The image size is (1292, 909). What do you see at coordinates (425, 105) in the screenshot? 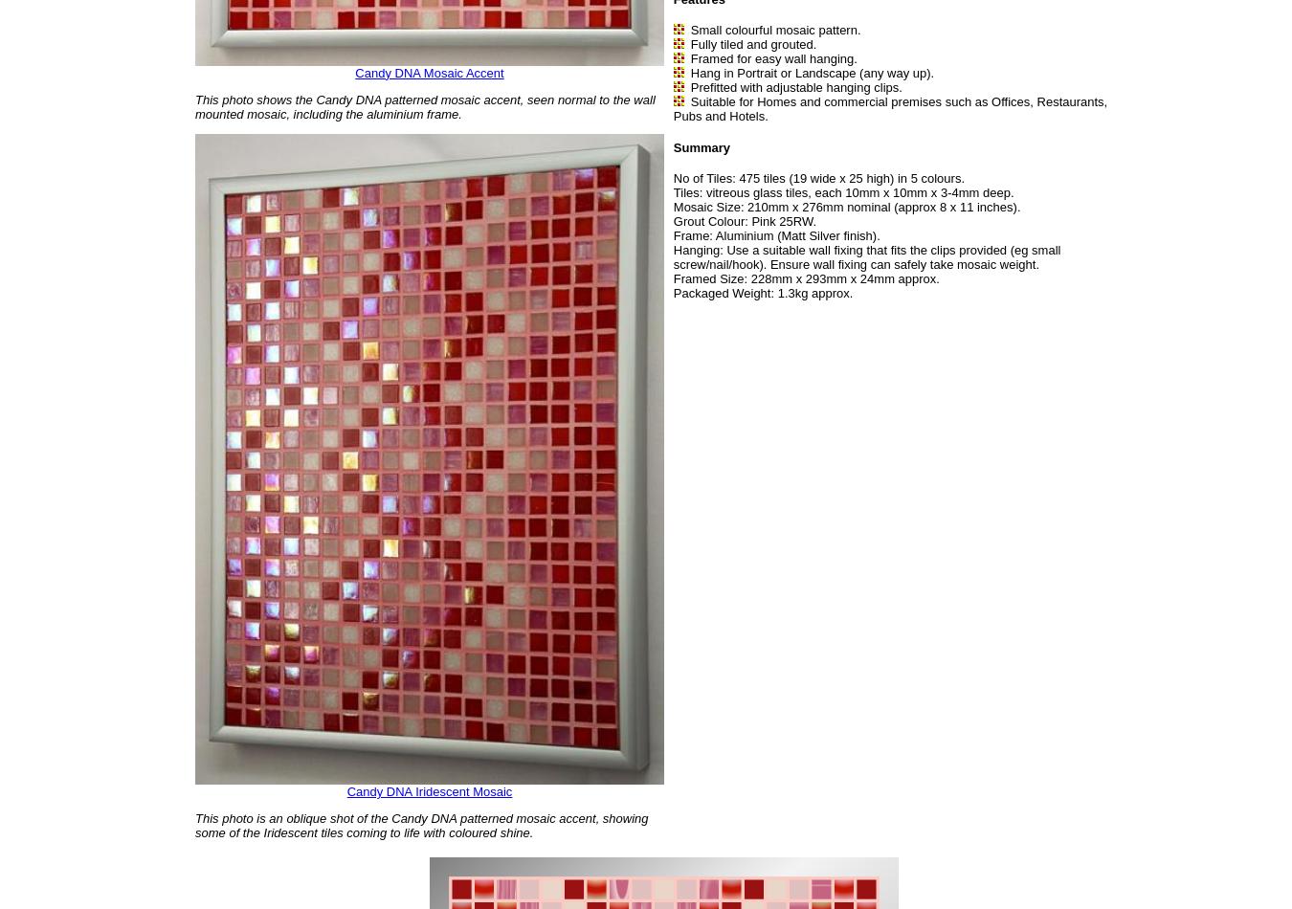
I see `'This photo shows the Candy DNA patterned mosaic accent, seen normal to the wall mounted mosaic, including the aluminium frame.'` at bounding box center [425, 105].